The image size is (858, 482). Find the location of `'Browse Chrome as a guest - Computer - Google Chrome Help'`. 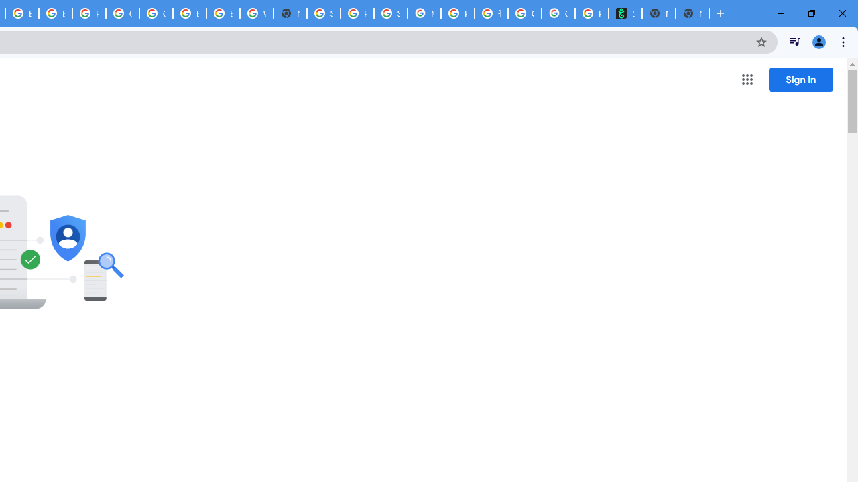

'Browse Chrome as a guest - Computer - Google Chrome Help' is located at coordinates (223, 13).